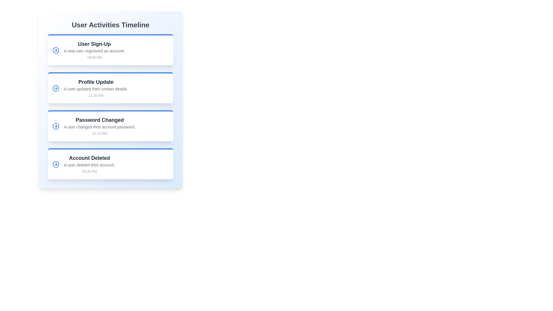 Image resolution: width=553 pixels, height=311 pixels. Describe the element at coordinates (56, 50) in the screenshot. I see `the circular icon with a right-pointing arrow that is located to the left of the 'User Sign-Up' text, indicating it has interactive properties` at that location.